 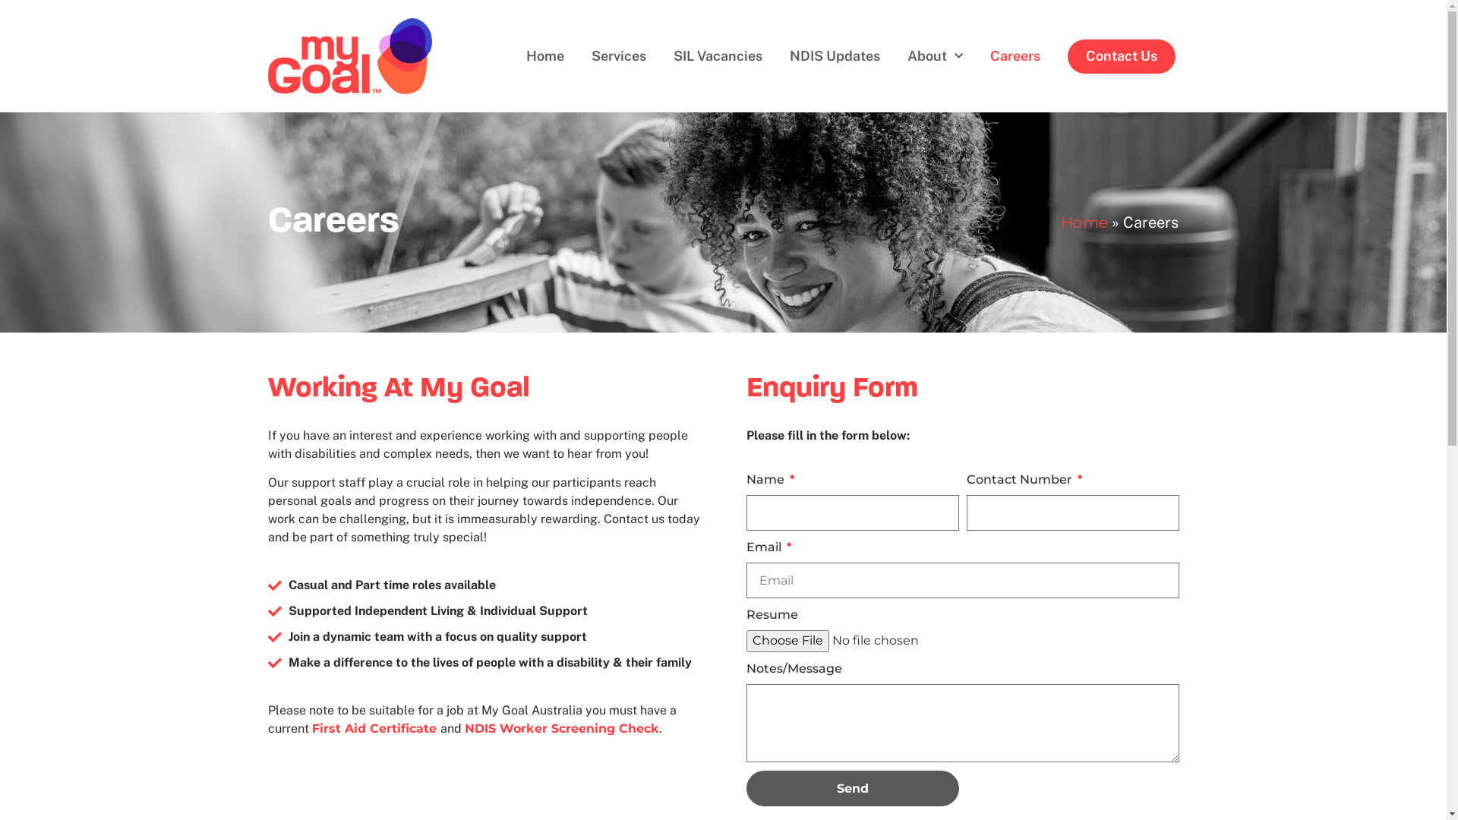 I want to click on 'Contact Us', so click(x=1122, y=55).